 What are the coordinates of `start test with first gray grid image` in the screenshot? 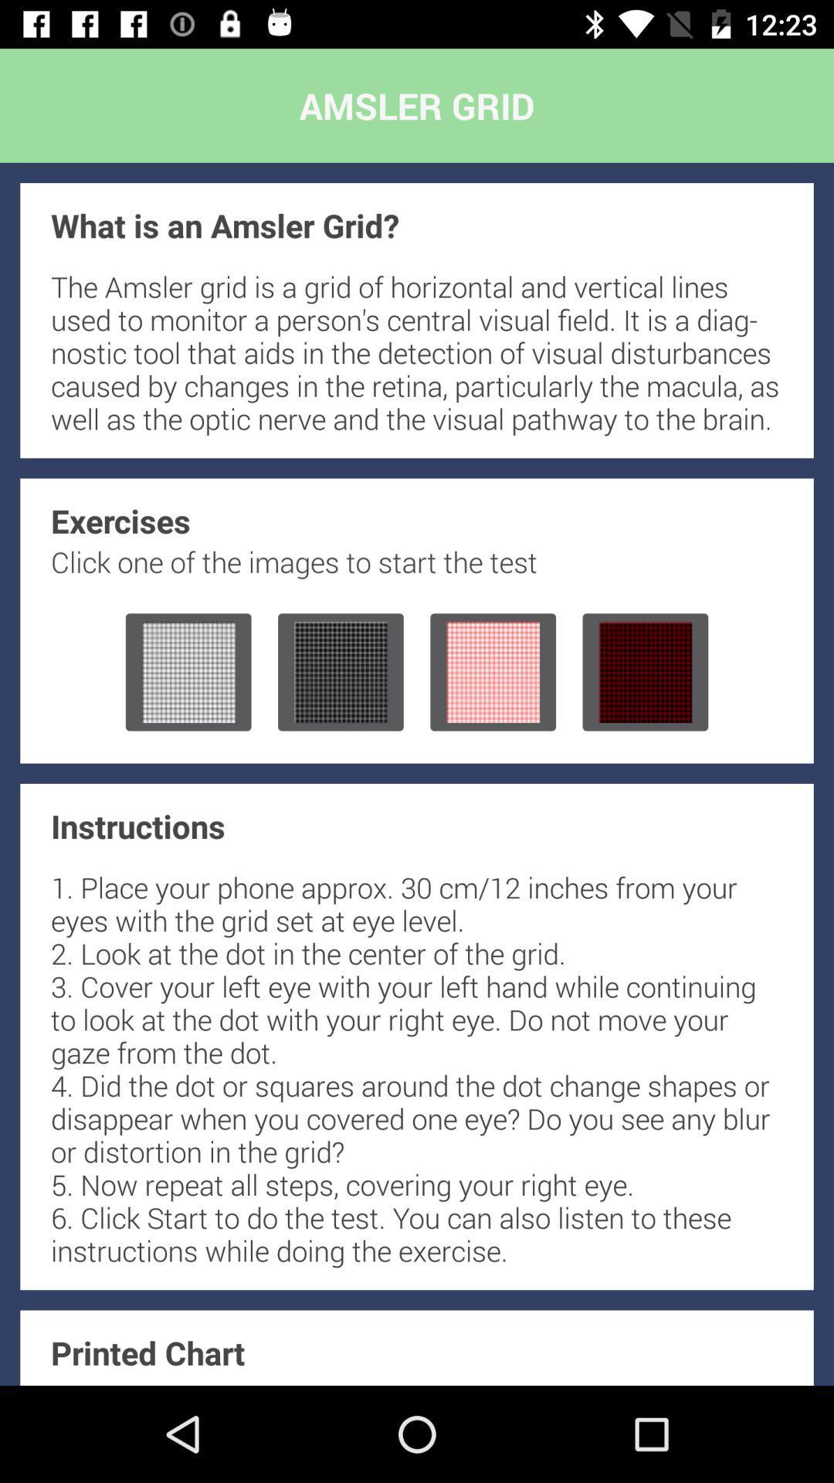 It's located at (188, 672).